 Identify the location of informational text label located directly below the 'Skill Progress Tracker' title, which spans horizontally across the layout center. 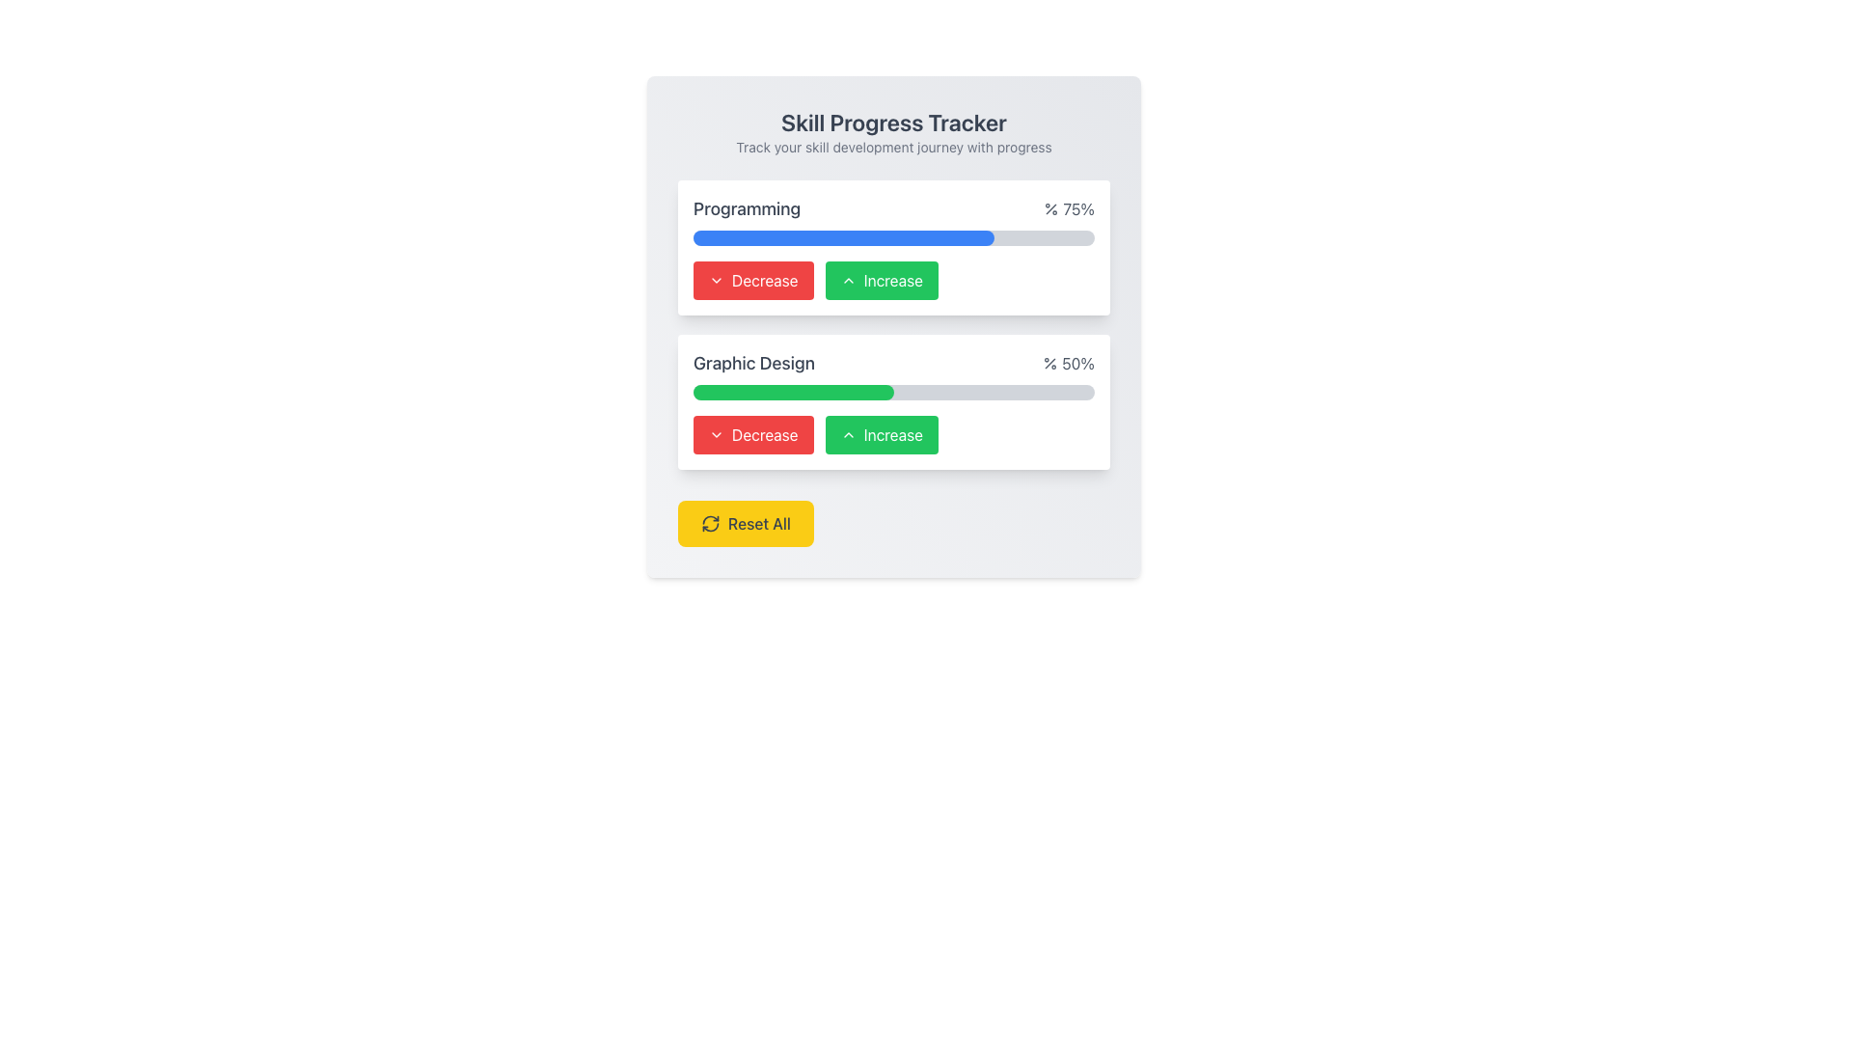
(892, 147).